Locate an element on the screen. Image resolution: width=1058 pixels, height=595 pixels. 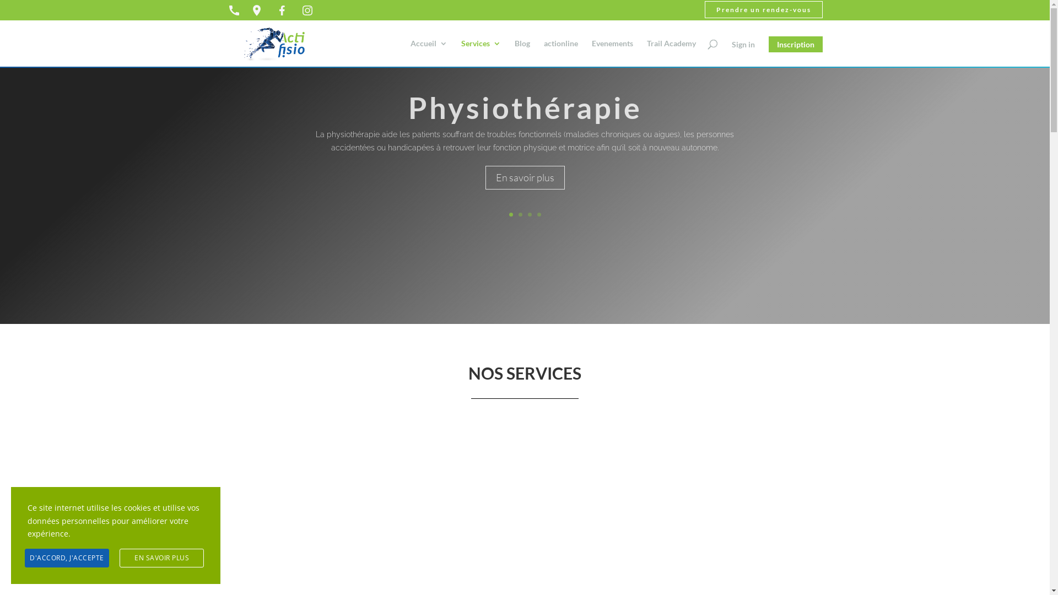
'Trail Academy' is located at coordinates (671, 53).